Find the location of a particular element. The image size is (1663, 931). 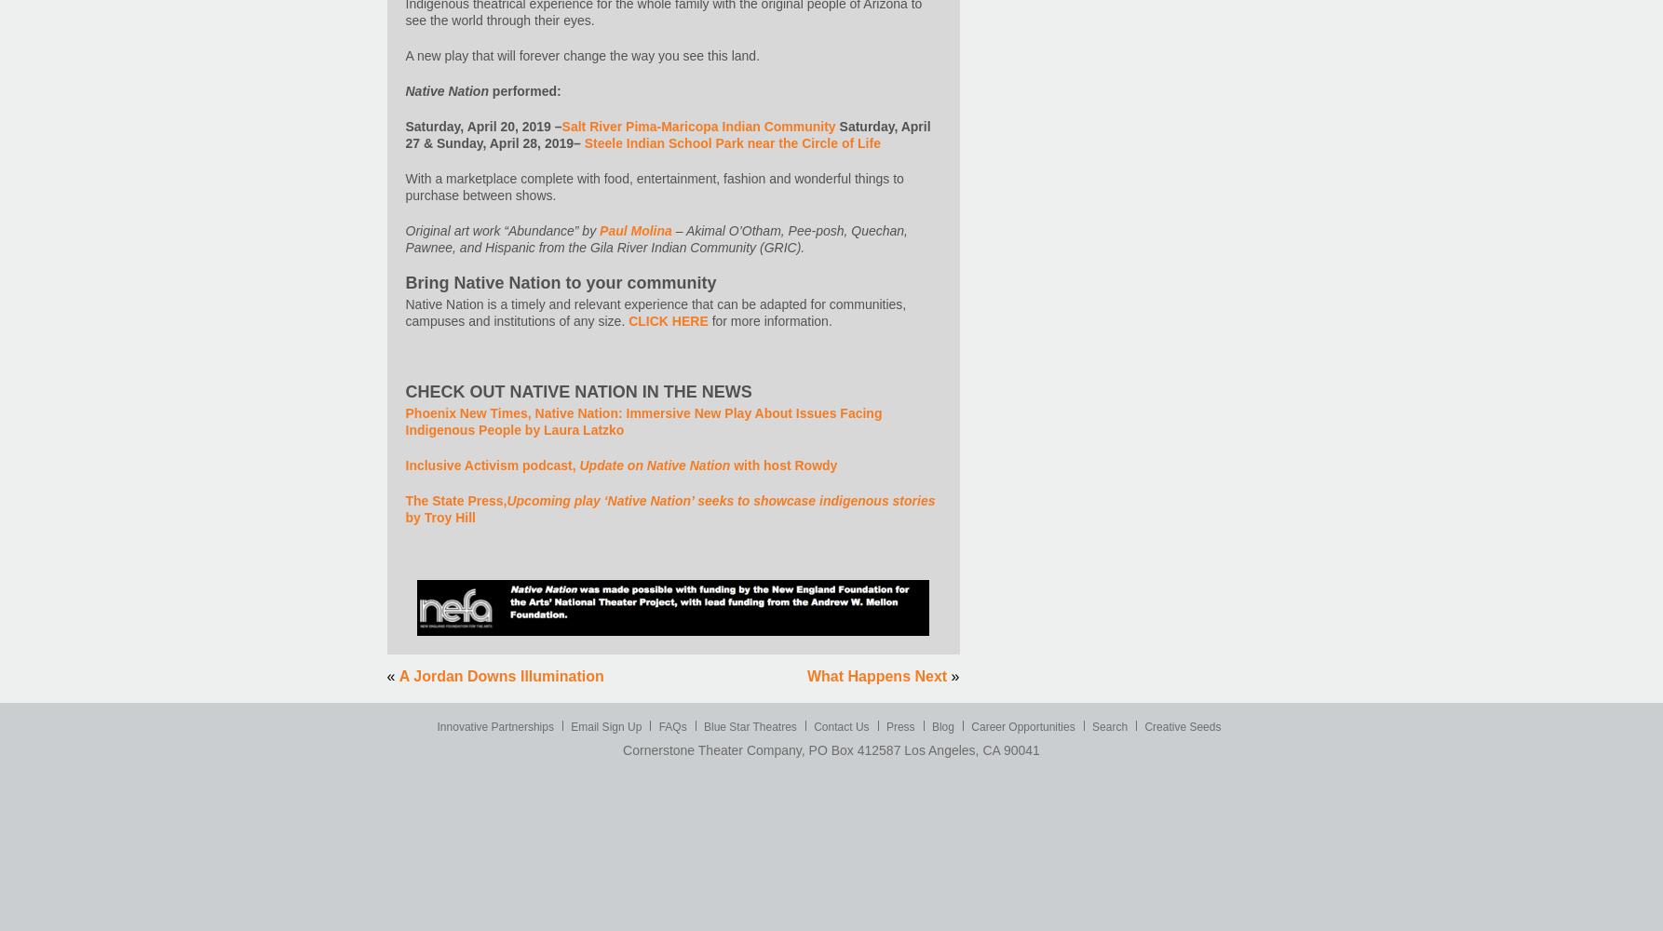

'Blog' is located at coordinates (941, 727).